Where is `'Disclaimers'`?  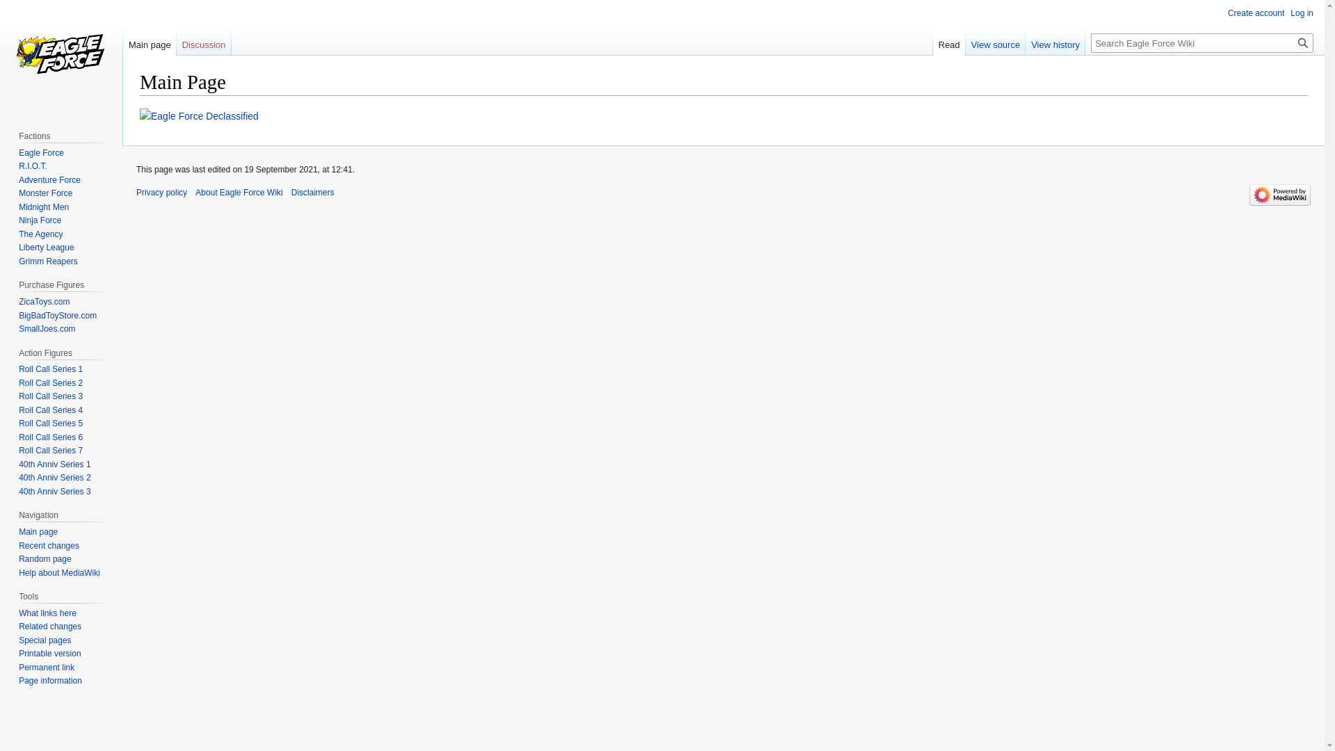
'Disclaimers' is located at coordinates (290, 193).